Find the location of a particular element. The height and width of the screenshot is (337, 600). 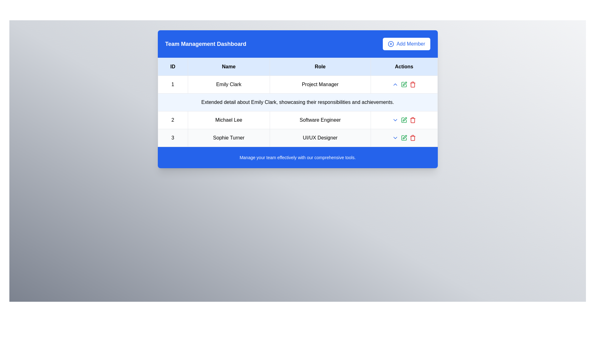

the text label displaying 'Emily Clark' located in the first row of the table under the 'Name' header, positioned between the 'ID' and 'Role' columns is located at coordinates (228, 84).